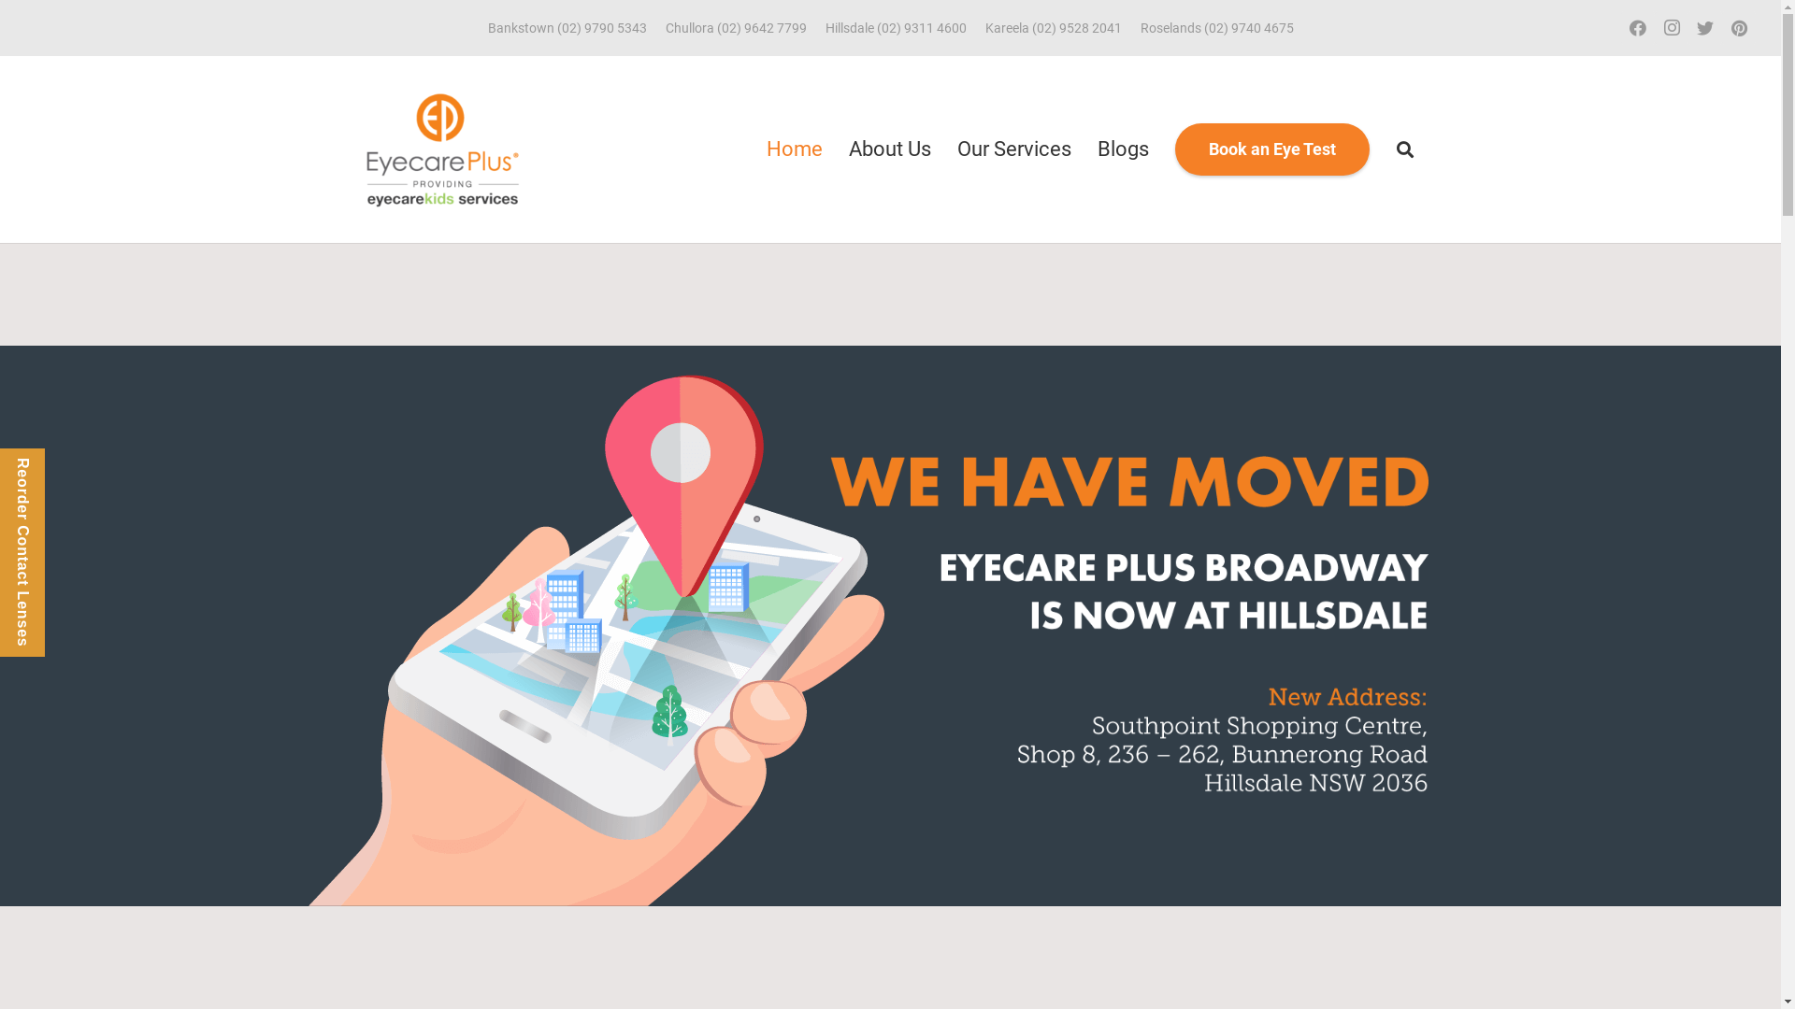  What do you see at coordinates (1738, 28) in the screenshot?
I see `'Pinterest'` at bounding box center [1738, 28].